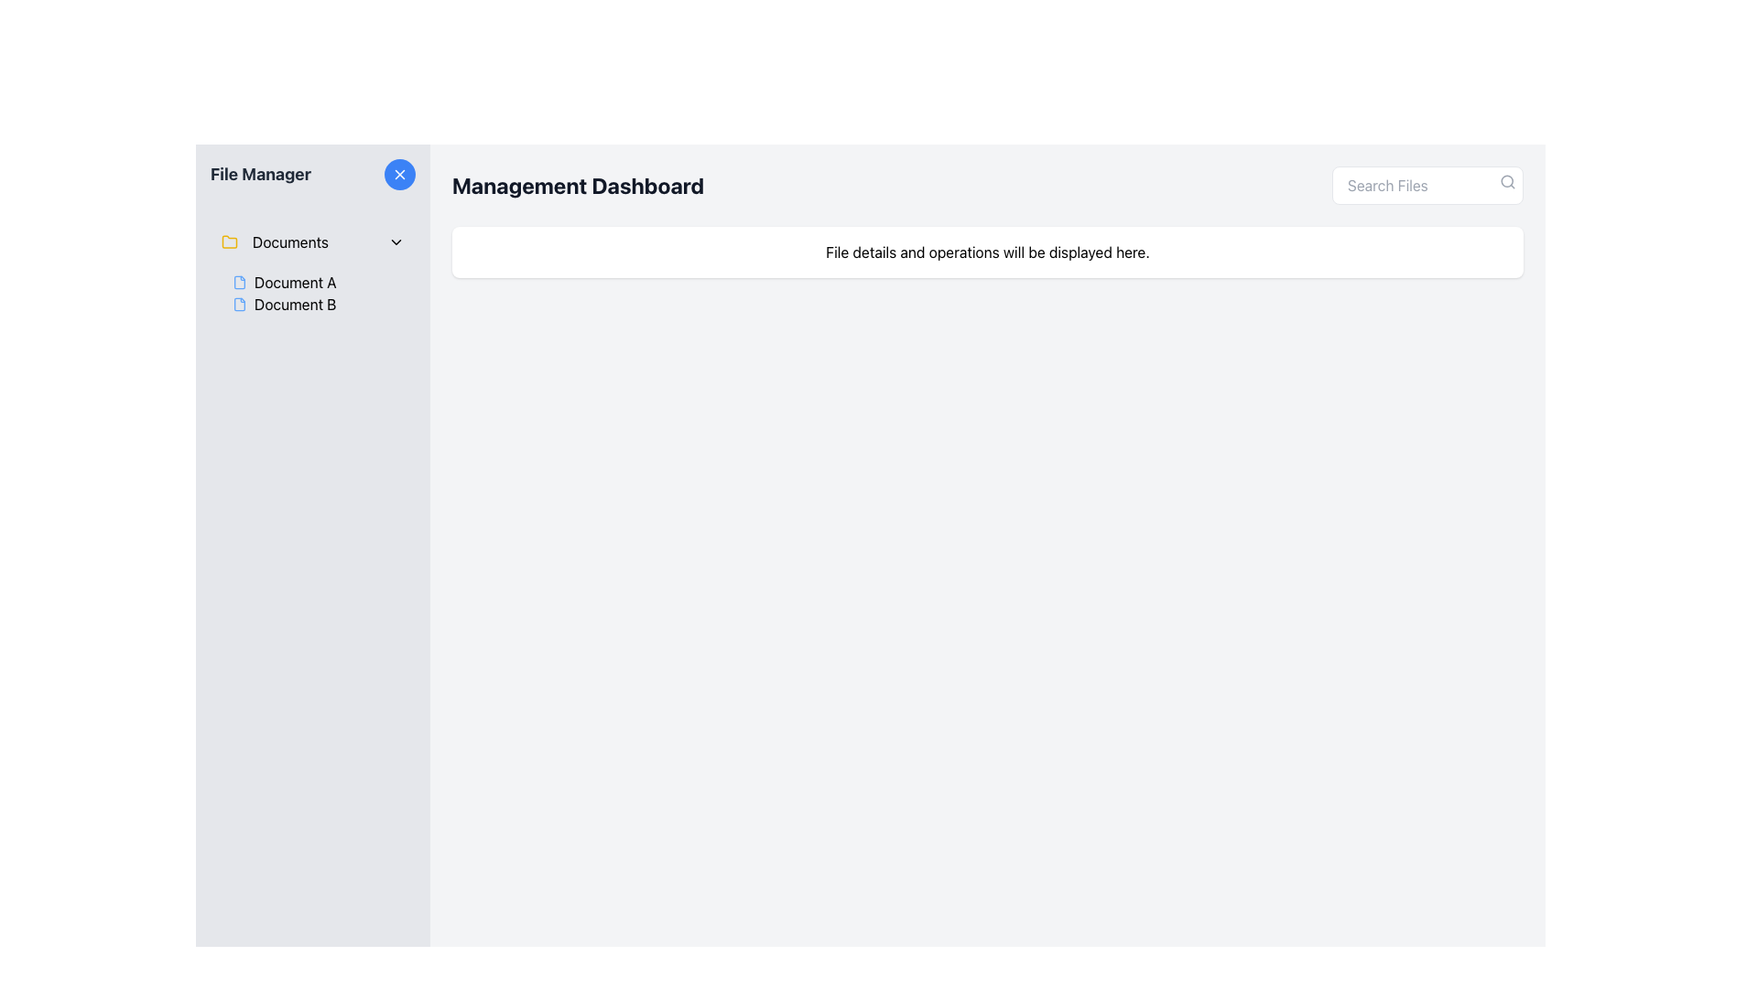 Image resolution: width=1758 pixels, height=988 pixels. I want to click on the close or cancel icon, which is a small diagonal cross positioned within a circular area with a light blue background, located to the right of the 'File Manager' title in the left navigation panel, so click(398, 175).